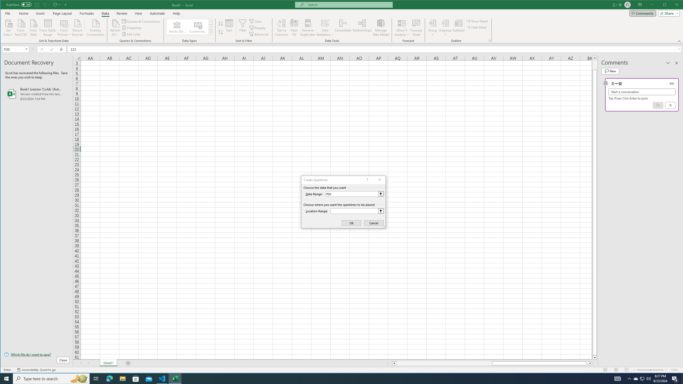 The image size is (683, 384). What do you see at coordinates (668, 63) in the screenshot?
I see `'Task Pane Options'` at bounding box center [668, 63].